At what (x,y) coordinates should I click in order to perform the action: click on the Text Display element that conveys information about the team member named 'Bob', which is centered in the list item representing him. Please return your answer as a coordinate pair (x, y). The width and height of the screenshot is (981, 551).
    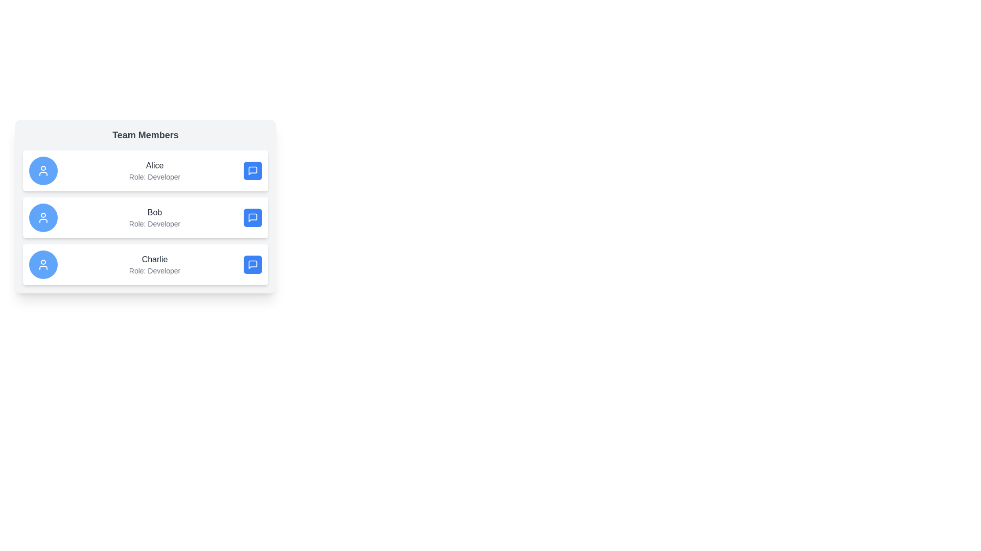
    Looking at the image, I should click on (154, 217).